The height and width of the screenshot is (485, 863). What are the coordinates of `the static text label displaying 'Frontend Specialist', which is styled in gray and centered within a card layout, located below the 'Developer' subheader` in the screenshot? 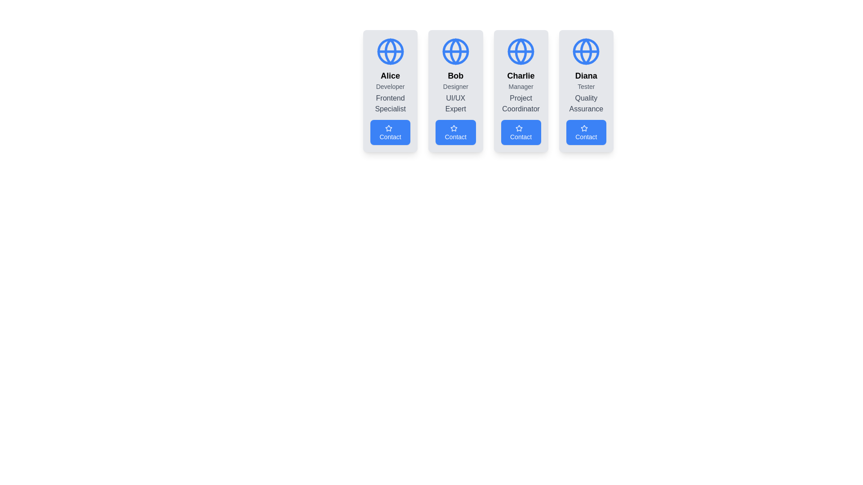 It's located at (390, 103).